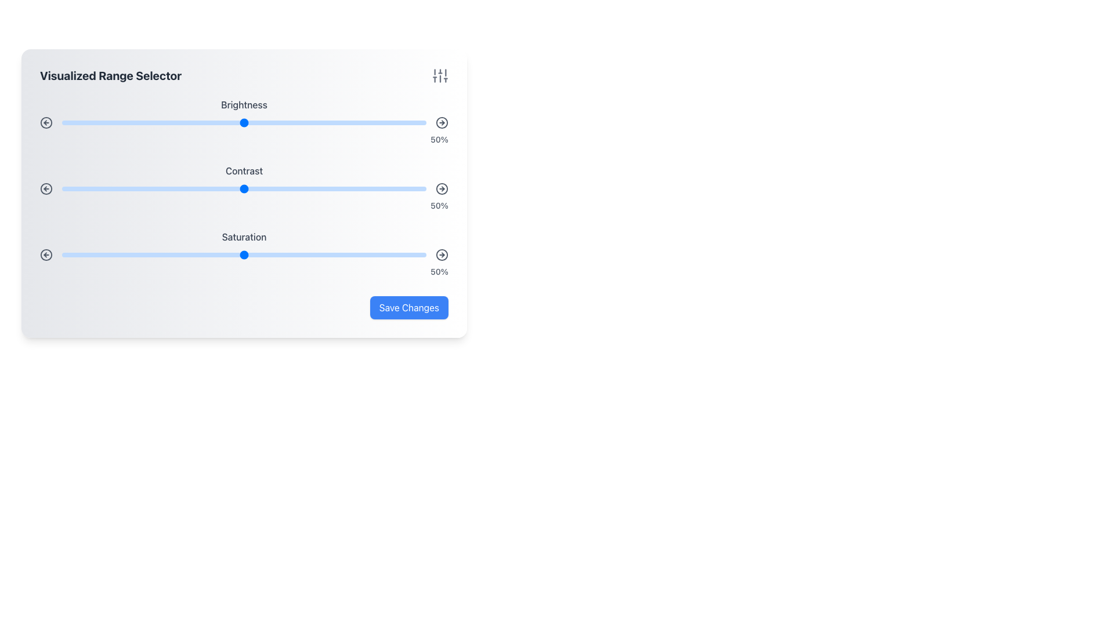 Image resolution: width=1114 pixels, height=626 pixels. What do you see at coordinates (128, 188) in the screenshot?
I see `the value of the contrast slider` at bounding box center [128, 188].